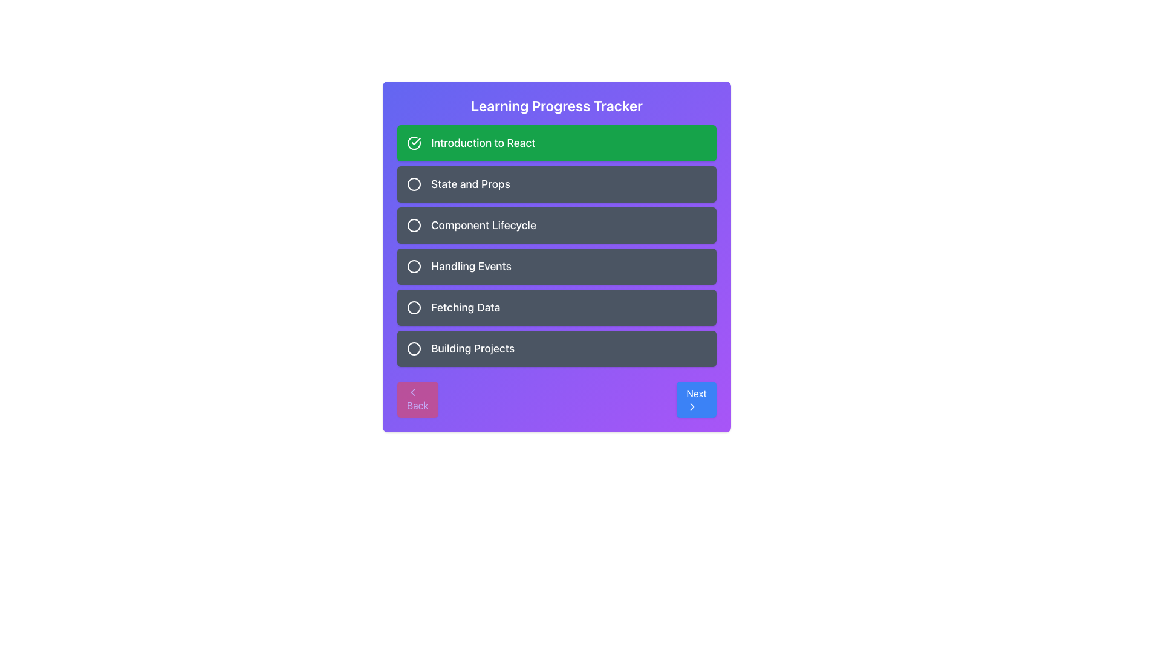 This screenshot has width=1161, height=653. I want to click on the text label 'Handling Events' displayed in a medium-sized bold font, colored white against a gray background, located within the fourth button in a vertical list of options, so click(470, 265).